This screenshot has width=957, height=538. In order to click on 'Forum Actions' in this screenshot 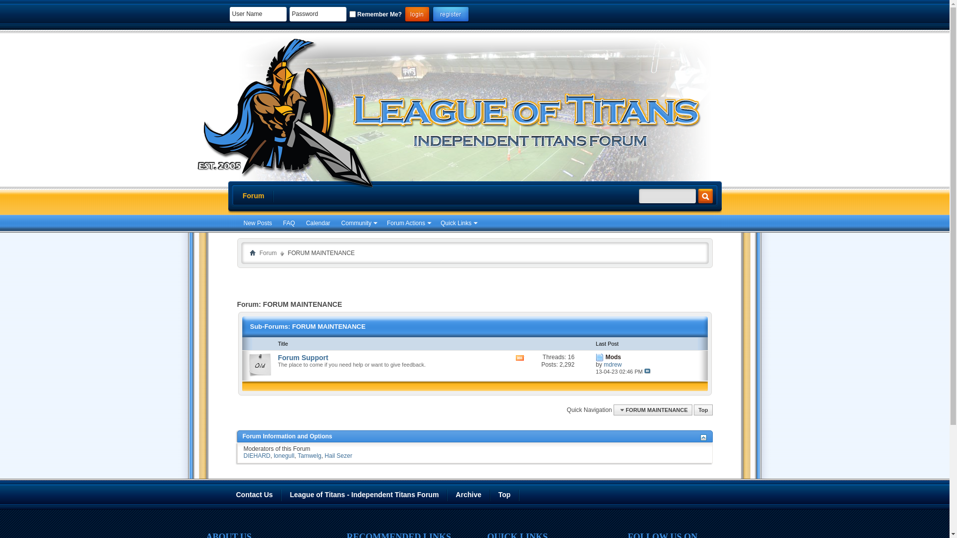, I will do `click(408, 223)`.